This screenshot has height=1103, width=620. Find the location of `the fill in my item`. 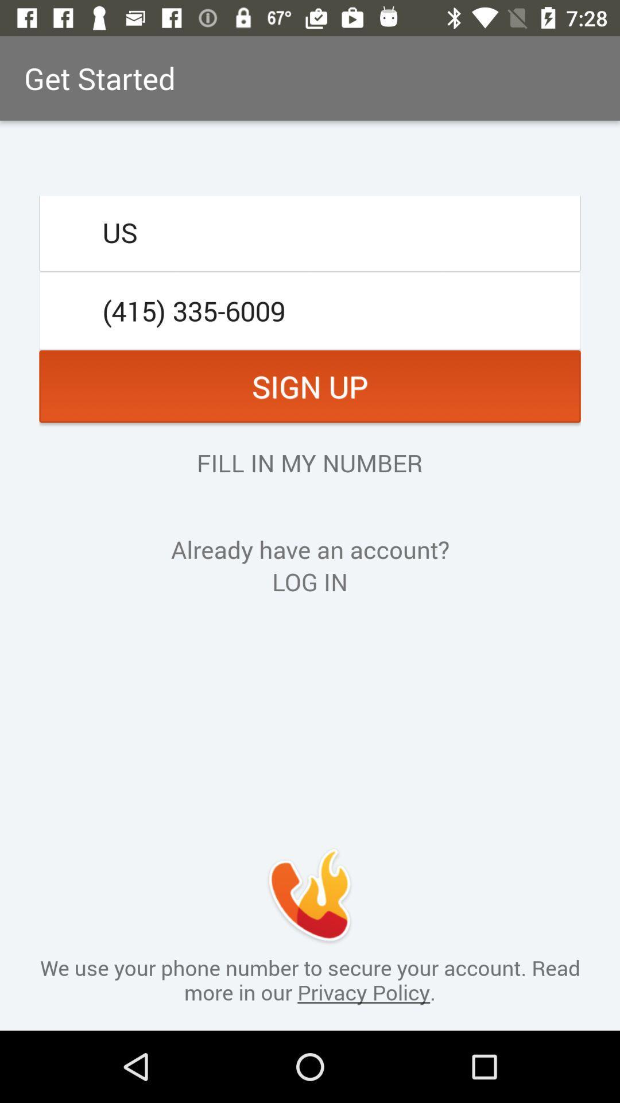

the fill in my item is located at coordinates (309, 462).